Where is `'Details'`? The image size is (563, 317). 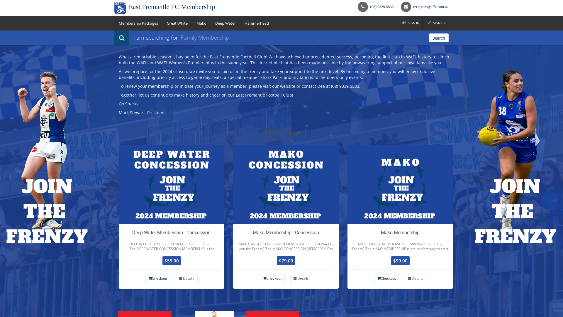 'Details' is located at coordinates (301, 278).